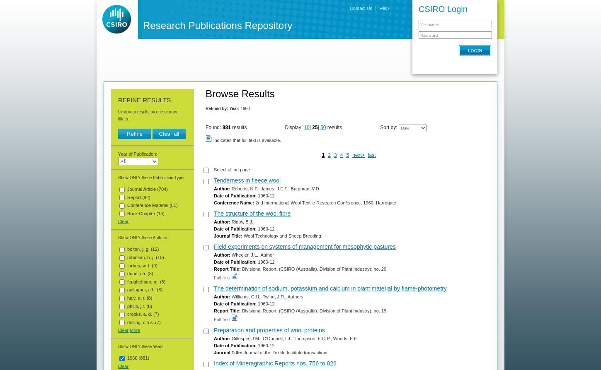  I want to click on 'Refine Results', so click(144, 99).